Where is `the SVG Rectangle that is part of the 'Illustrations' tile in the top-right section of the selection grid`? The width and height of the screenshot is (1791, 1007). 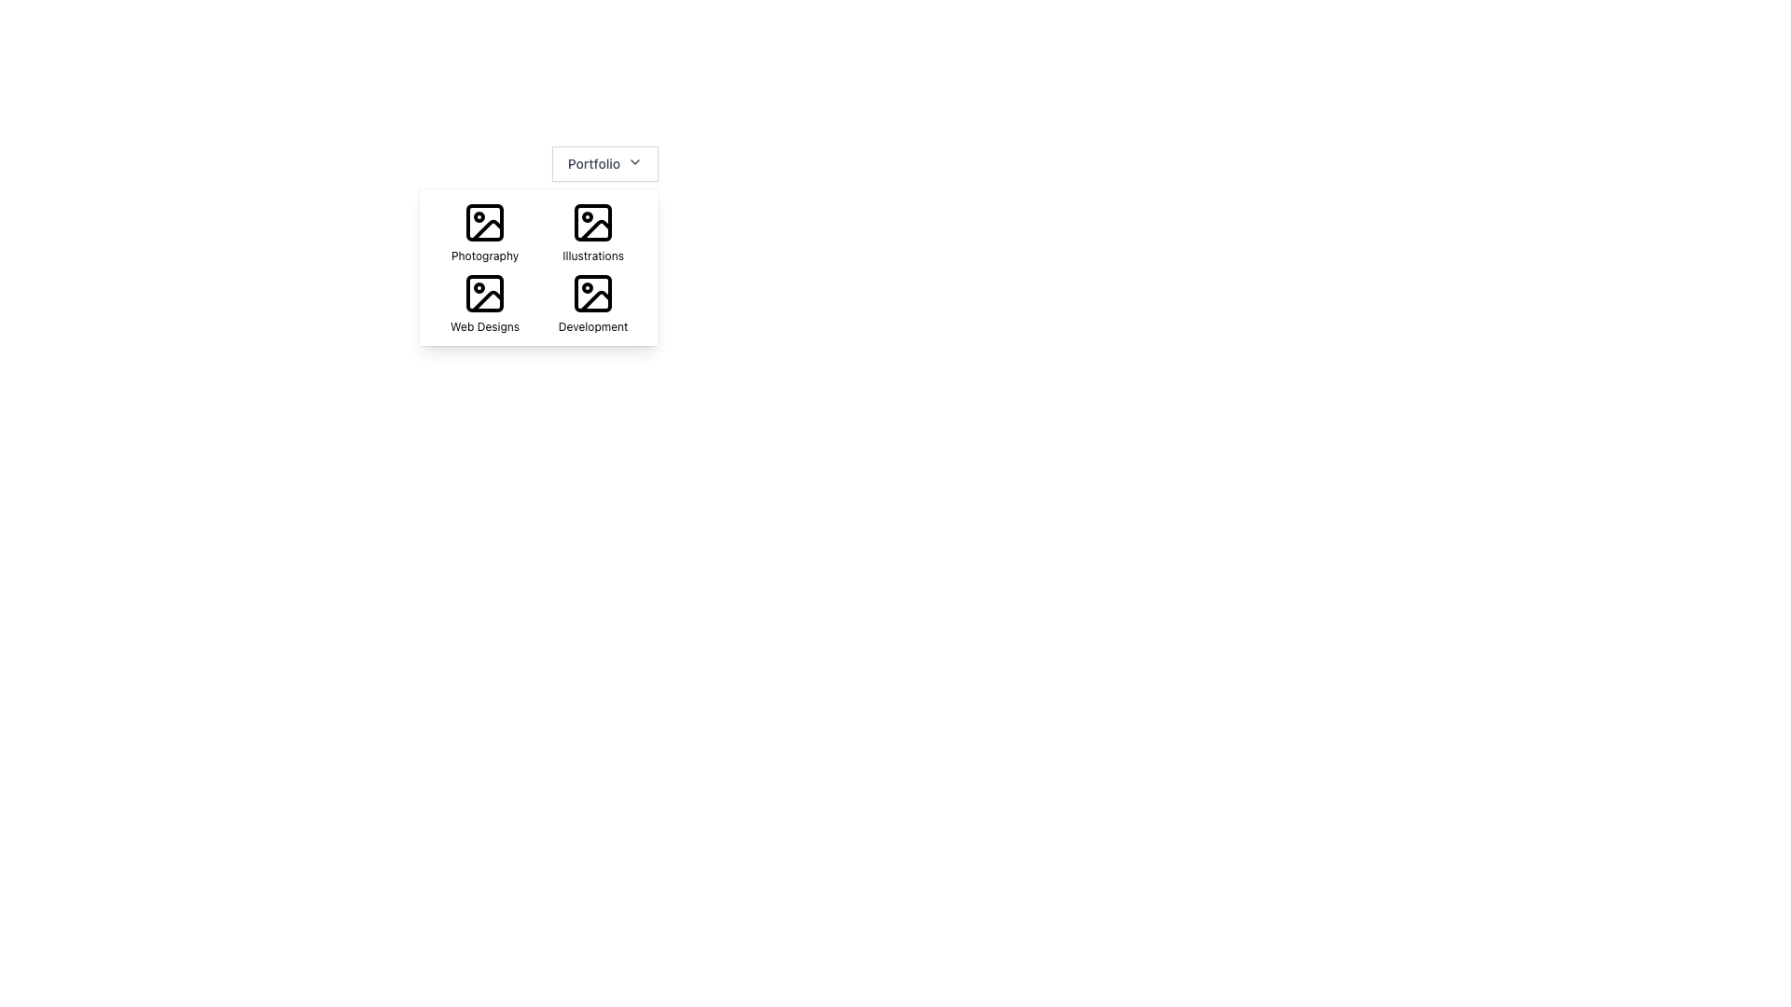 the SVG Rectangle that is part of the 'Illustrations' tile in the top-right section of the selection grid is located at coordinates (592, 222).